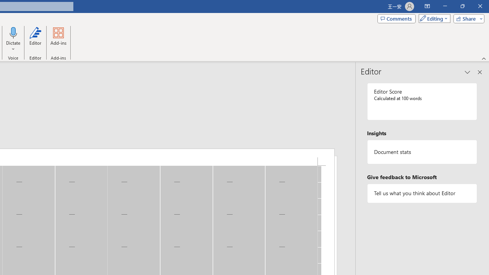 This screenshot has width=489, height=275. What do you see at coordinates (13, 32) in the screenshot?
I see `'Dictate'` at bounding box center [13, 32].